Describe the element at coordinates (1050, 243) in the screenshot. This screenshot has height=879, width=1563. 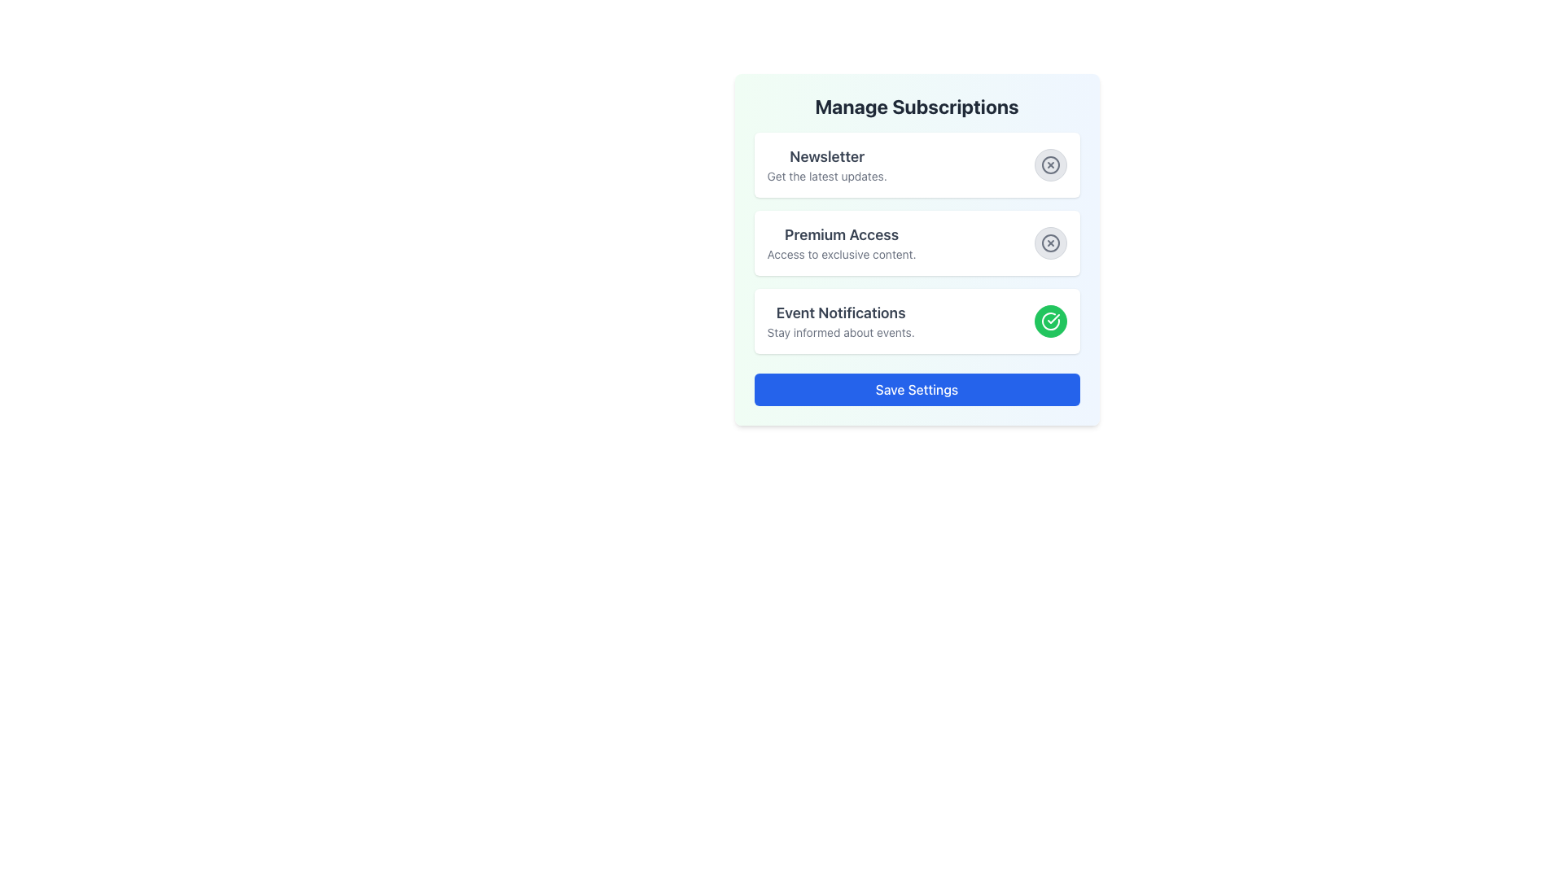
I see `the button to the right of the 'Premium Access' option in the 'Manage Subscriptions' section` at that location.